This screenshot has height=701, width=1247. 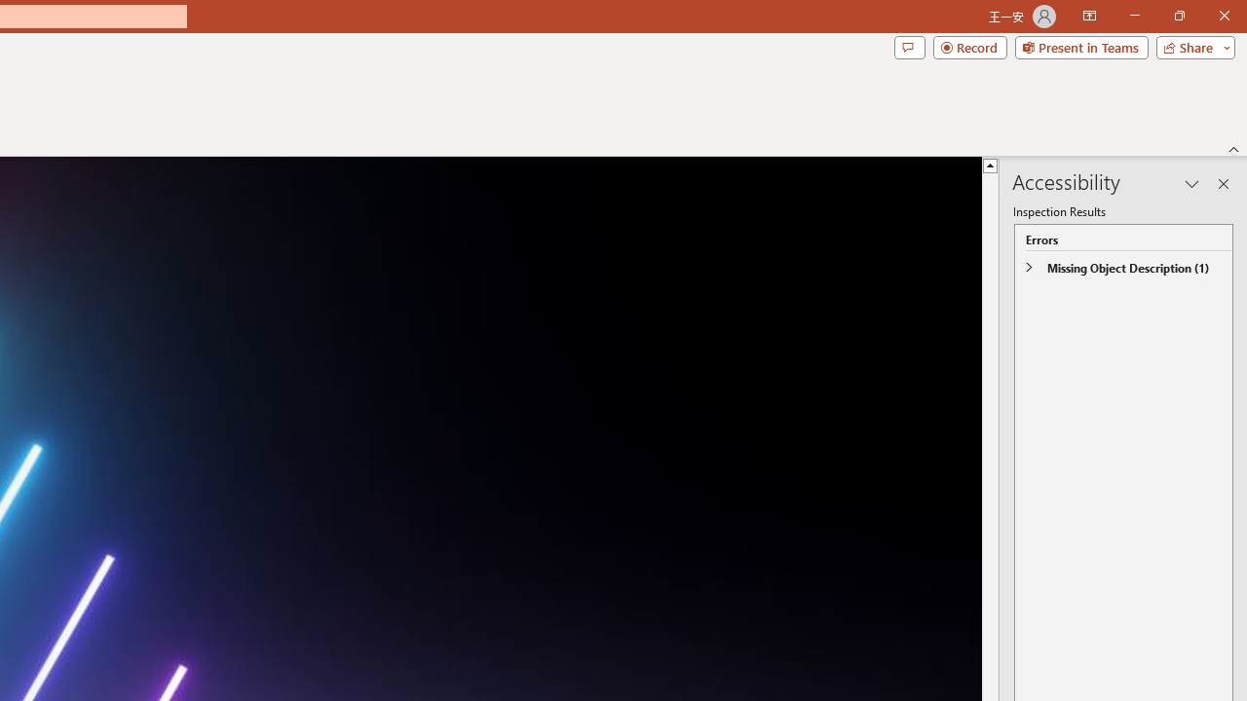 I want to click on 'Restore Down', so click(x=1178, y=16).